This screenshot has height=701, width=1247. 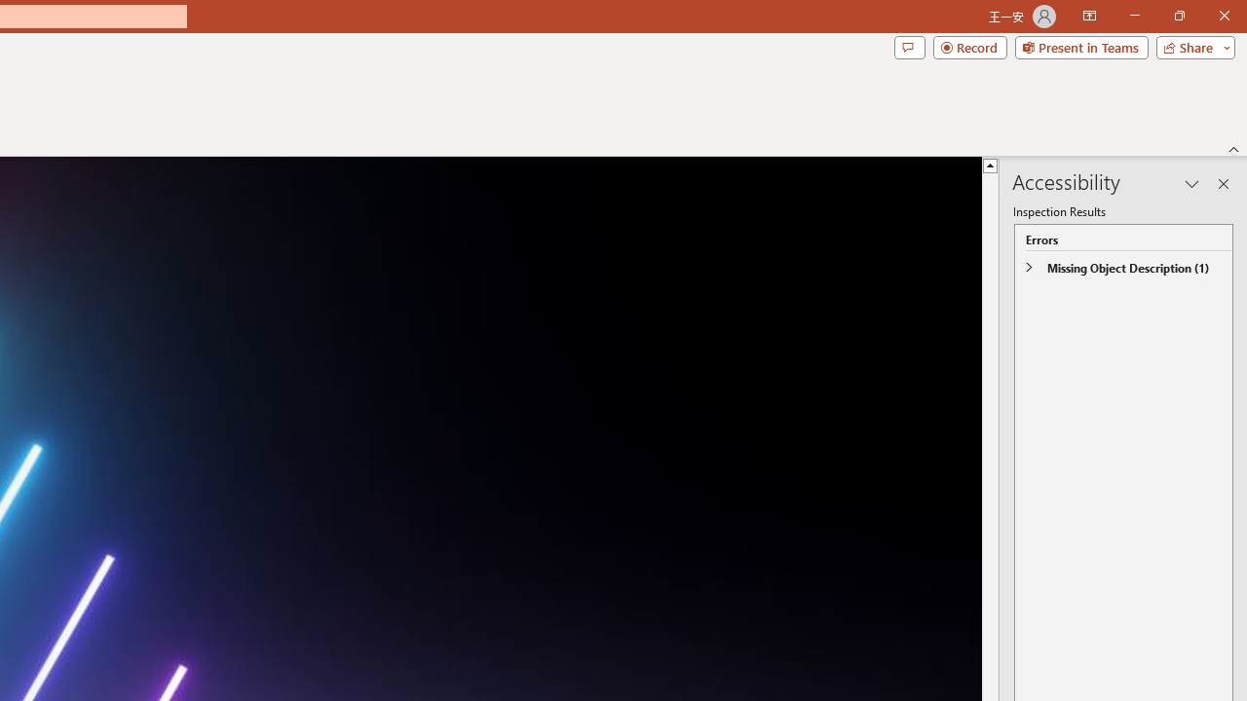 I want to click on 'Restore Down', so click(x=1178, y=16).